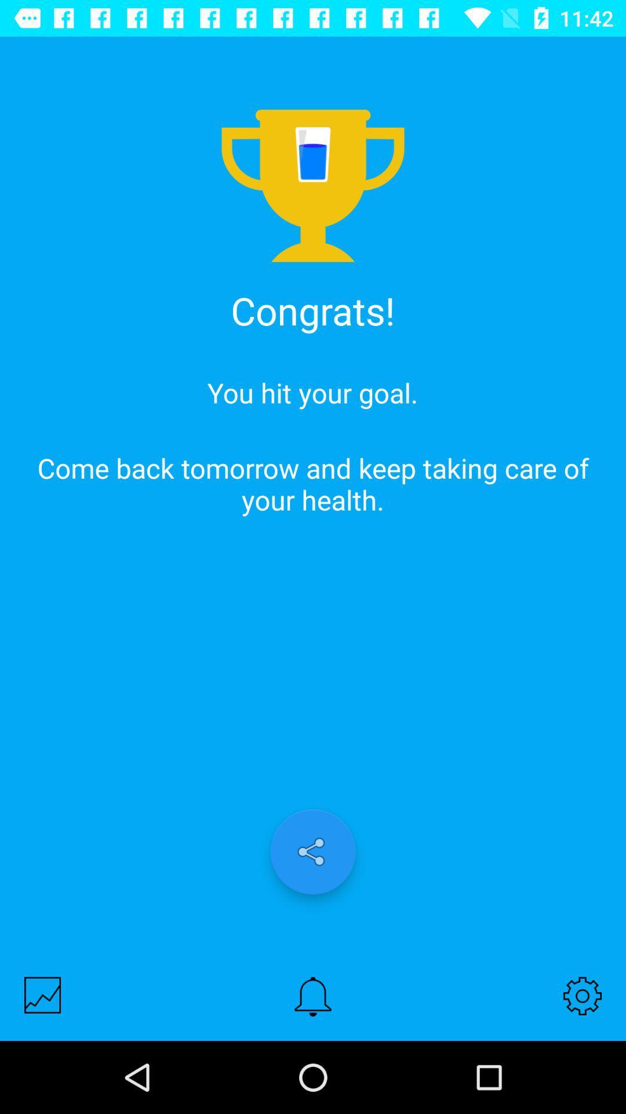 The image size is (626, 1114). Describe the element at coordinates (583, 995) in the screenshot. I see `the icon at the bottom right corner` at that location.